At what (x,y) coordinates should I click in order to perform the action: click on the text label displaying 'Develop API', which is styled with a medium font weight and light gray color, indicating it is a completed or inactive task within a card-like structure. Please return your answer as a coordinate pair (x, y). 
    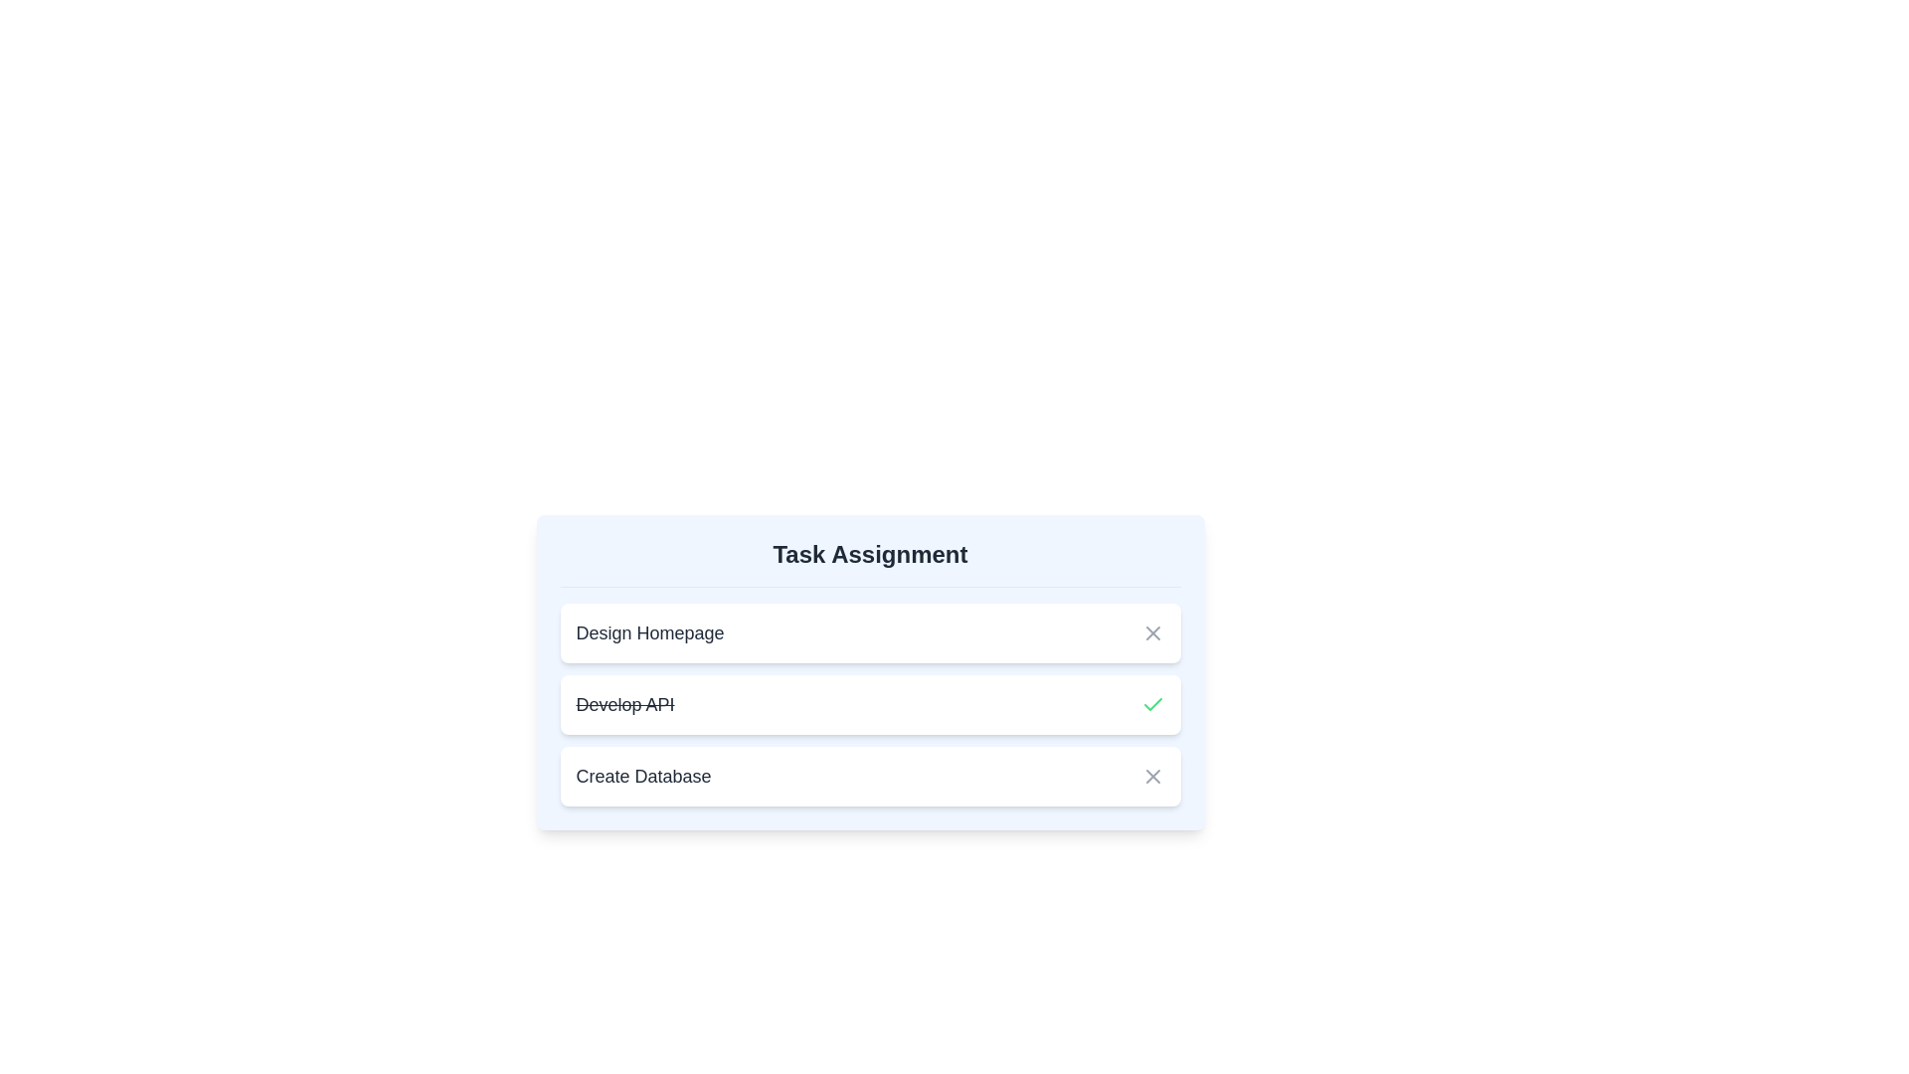
    Looking at the image, I should click on (623, 704).